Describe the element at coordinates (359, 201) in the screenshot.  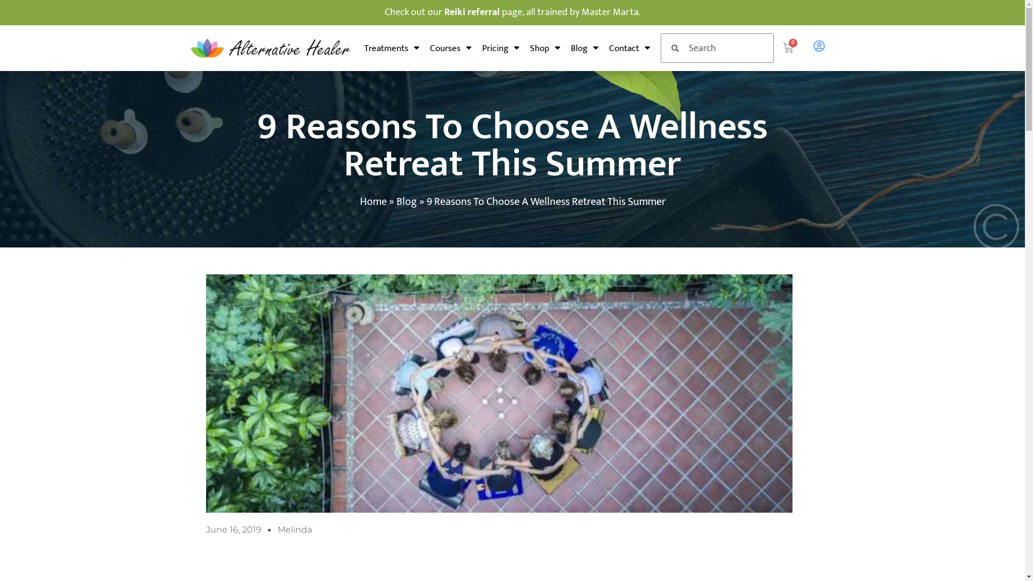
I see `'Home'` at that location.